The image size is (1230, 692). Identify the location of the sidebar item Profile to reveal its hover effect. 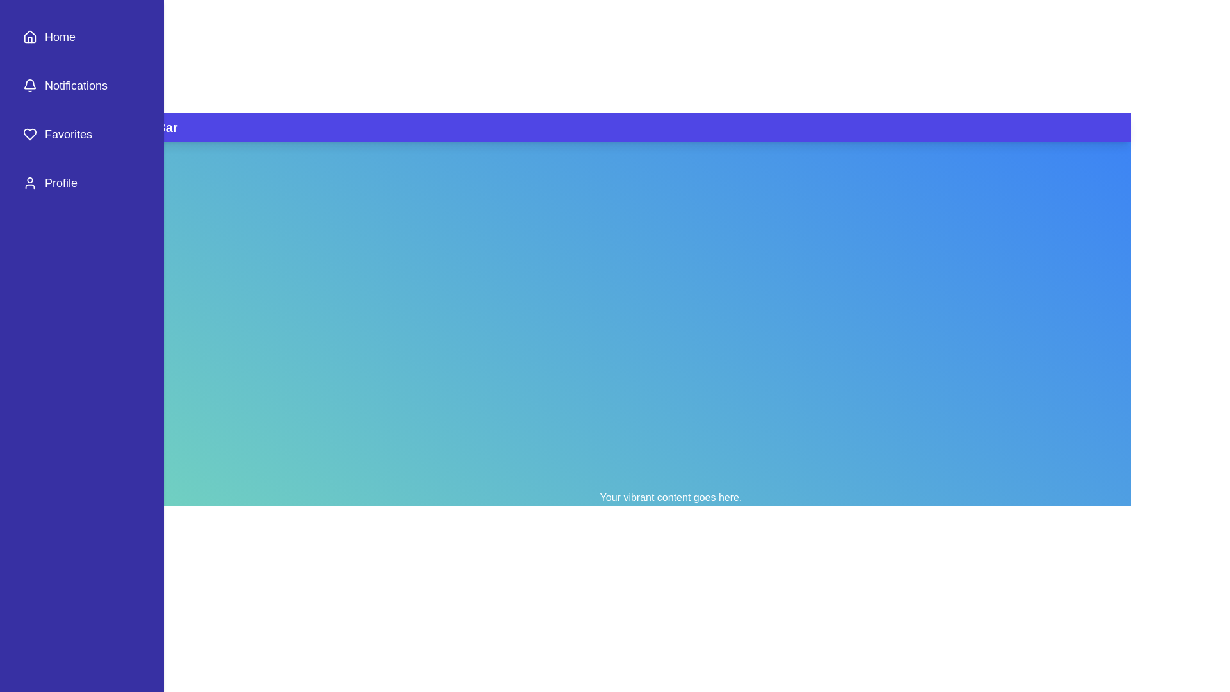
(81, 183).